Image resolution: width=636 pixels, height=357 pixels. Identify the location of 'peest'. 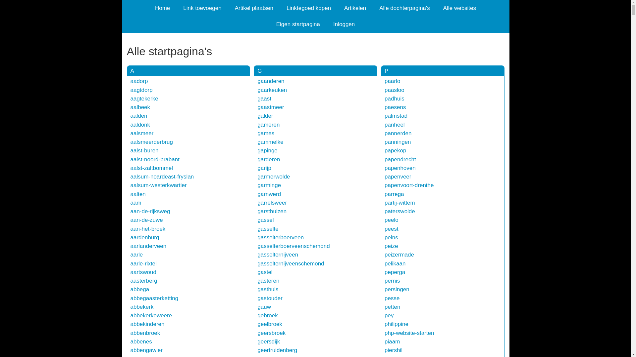
(391, 228).